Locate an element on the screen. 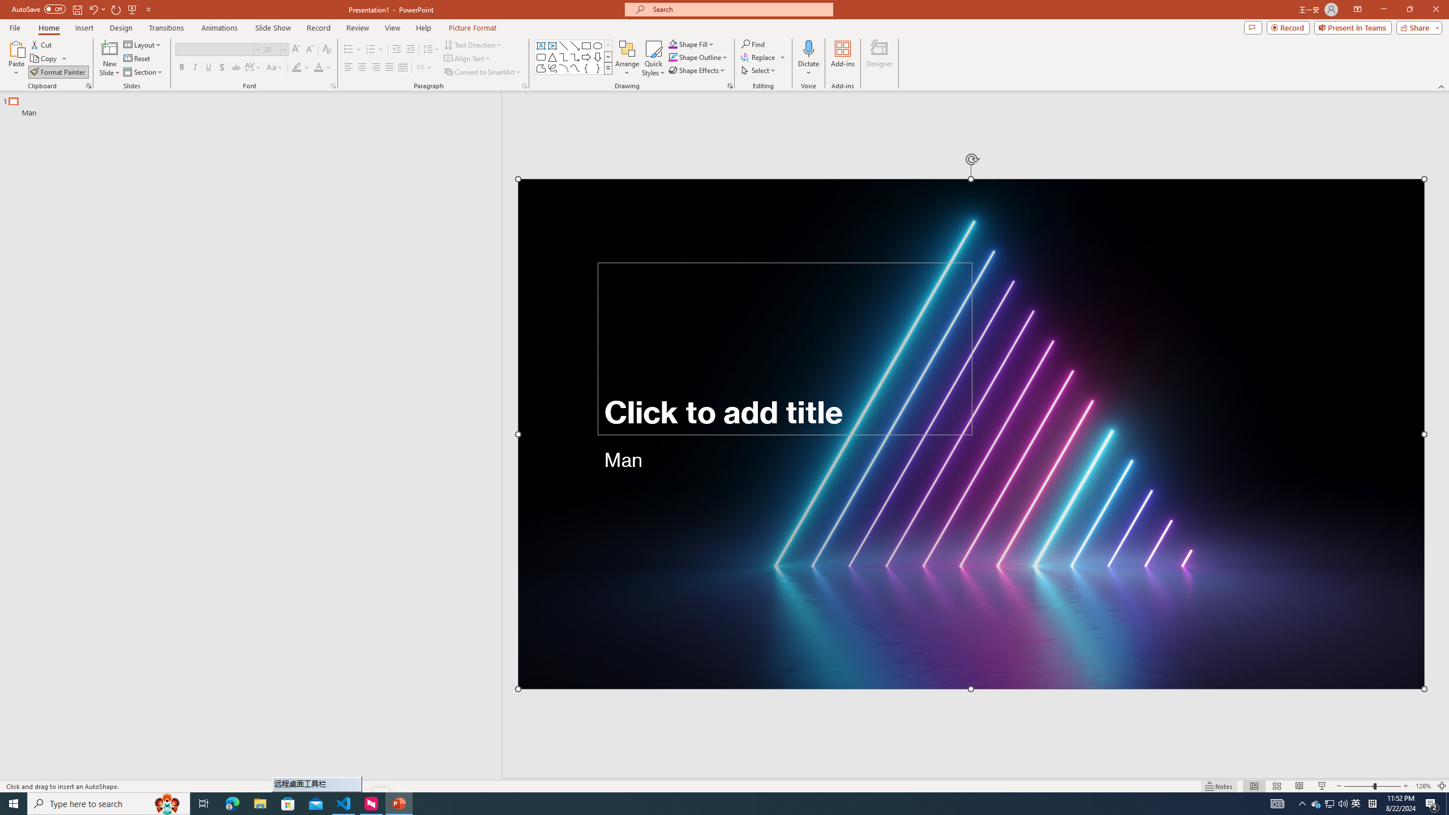  'Office Clipboard...' is located at coordinates (88, 85).